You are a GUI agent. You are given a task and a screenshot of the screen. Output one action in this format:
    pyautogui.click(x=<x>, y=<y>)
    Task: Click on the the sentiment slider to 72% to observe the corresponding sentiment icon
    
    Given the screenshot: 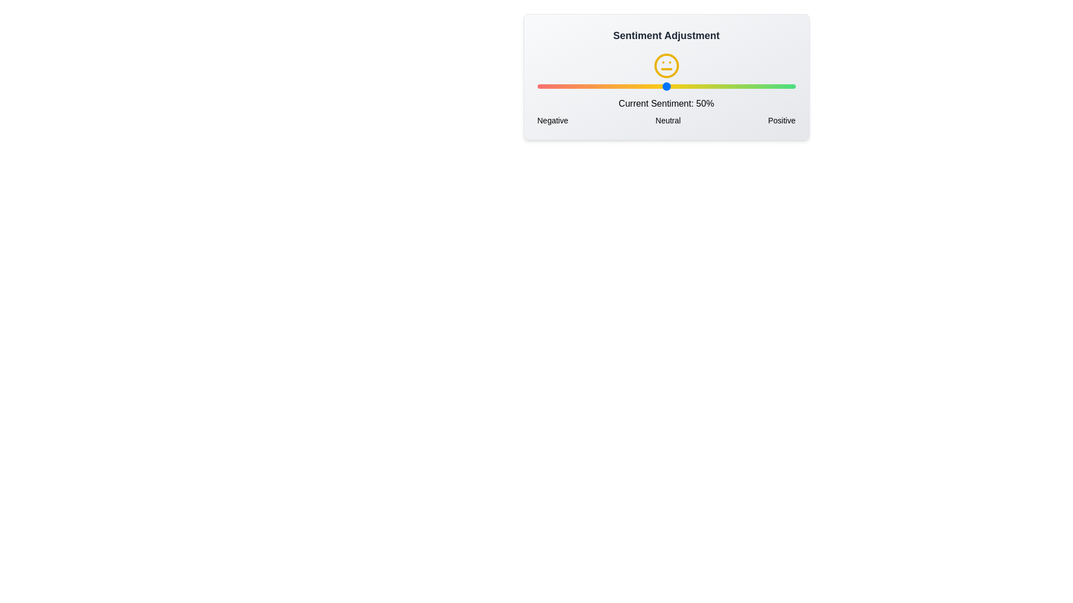 What is the action you would take?
    pyautogui.click(x=723, y=85)
    